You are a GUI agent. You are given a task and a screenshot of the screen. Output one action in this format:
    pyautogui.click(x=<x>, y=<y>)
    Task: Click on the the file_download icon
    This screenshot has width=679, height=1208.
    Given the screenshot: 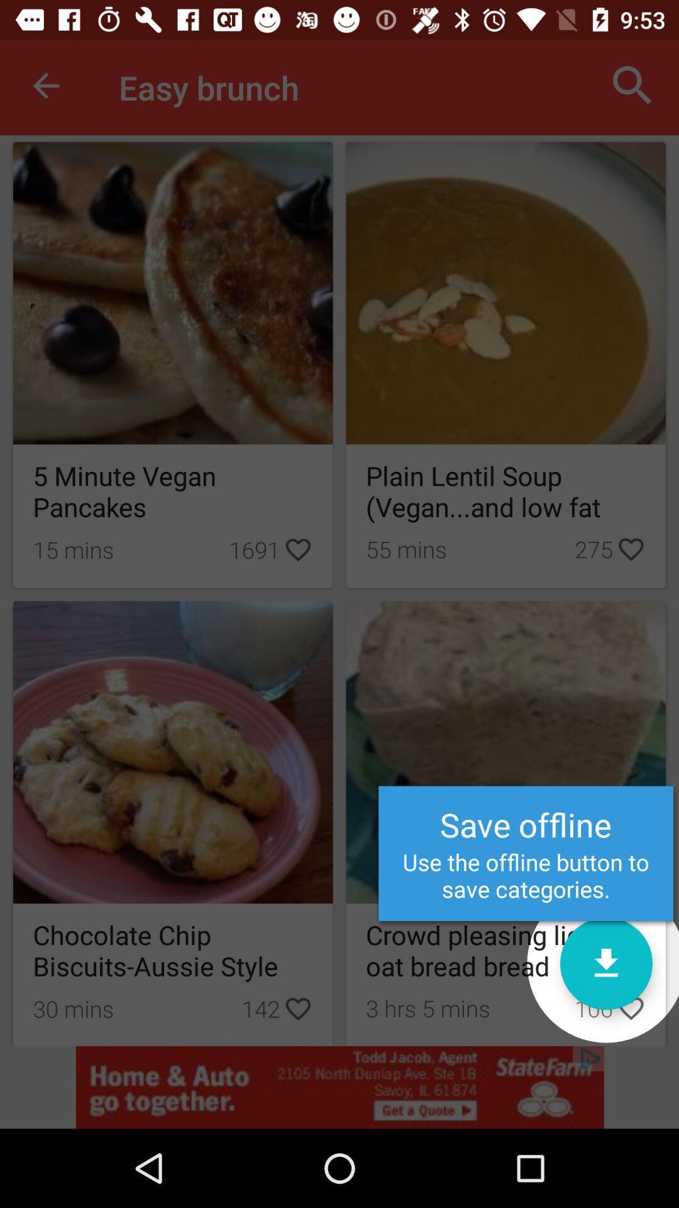 What is the action you would take?
    pyautogui.click(x=605, y=963)
    